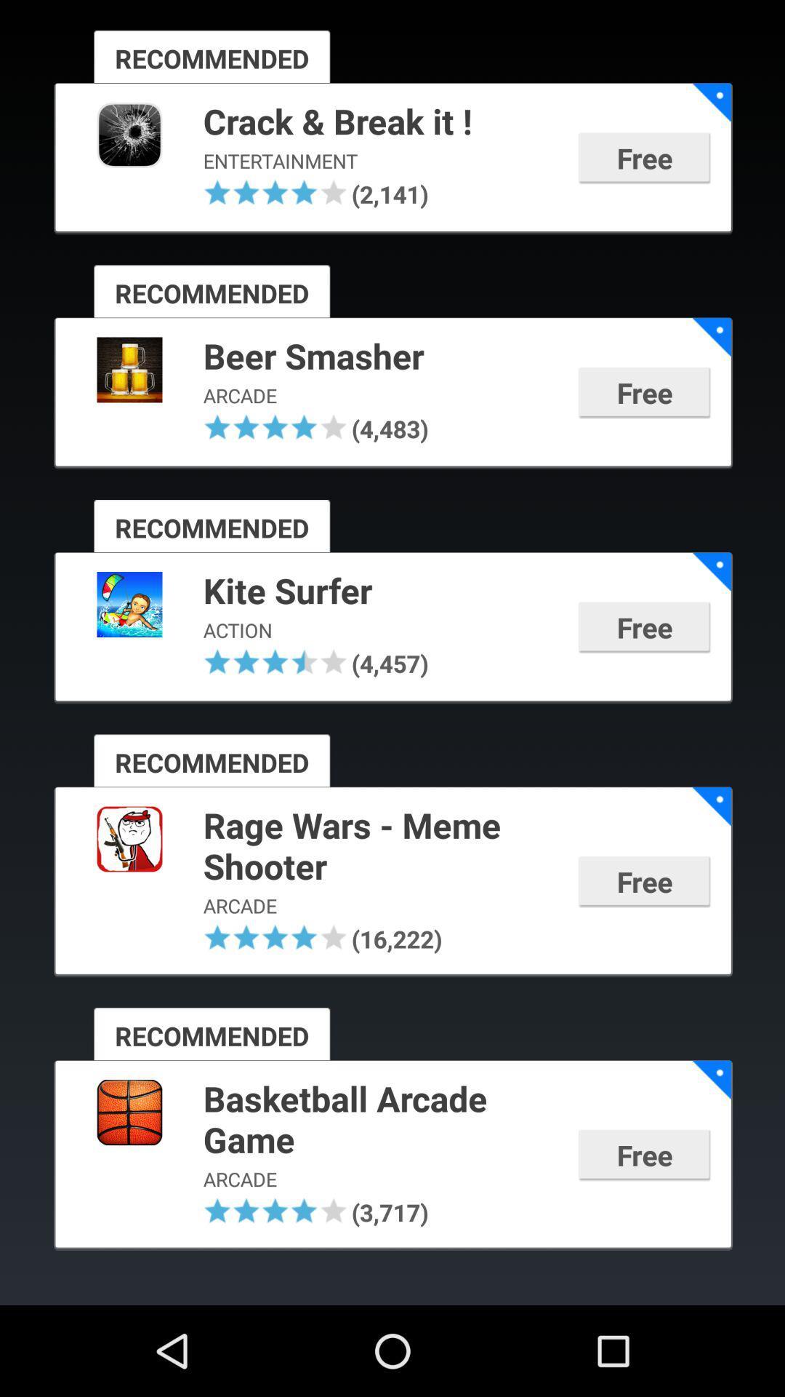 This screenshot has width=785, height=1397. Describe the element at coordinates (711, 1080) in the screenshot. I see `app next to basketball arcade game icon` at that location.